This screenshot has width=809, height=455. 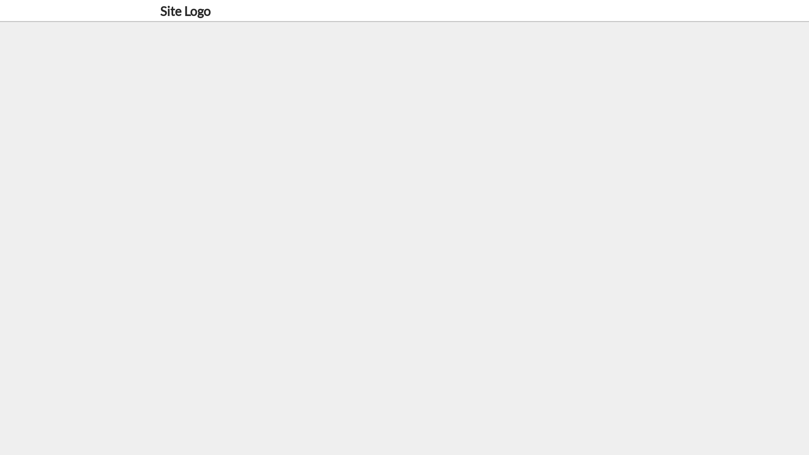 What do you see at coordinates (185, 11) in the screenshot?
I see `'Site Logo'` at bounding box center [185, 11].